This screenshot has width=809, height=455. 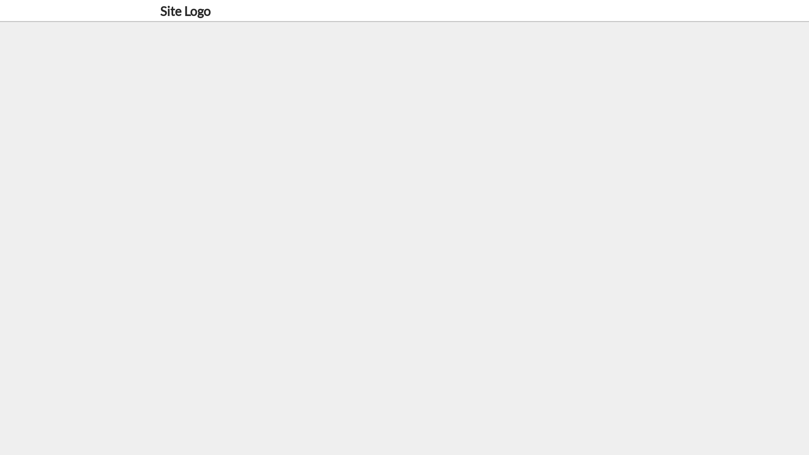 What do you see at coordinates (185, 11) in the screenshot?
I see `'Site Logo'` at bounding box center [185, 11].